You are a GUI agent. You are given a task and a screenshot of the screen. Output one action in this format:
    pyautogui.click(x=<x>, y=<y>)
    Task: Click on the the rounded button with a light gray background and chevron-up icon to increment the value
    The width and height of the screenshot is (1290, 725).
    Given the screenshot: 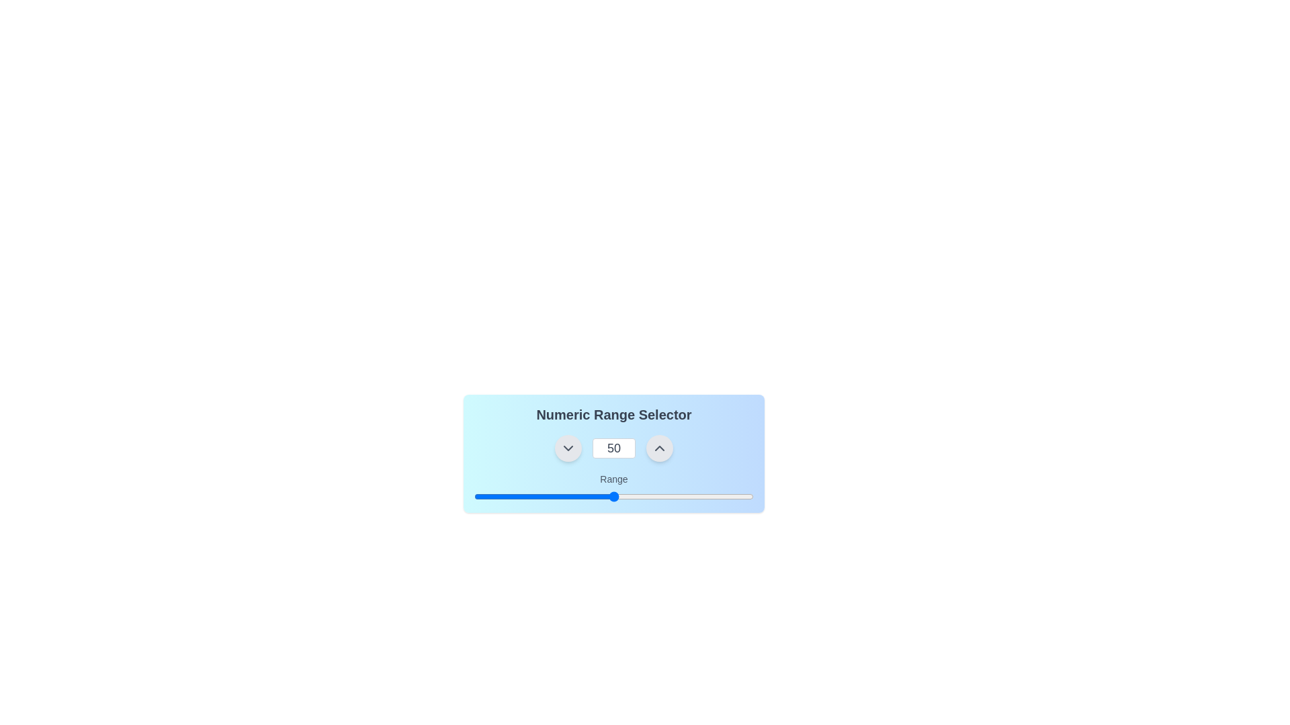 What is the action you would take?
    pyautogui.click(x=660, y=448)
    